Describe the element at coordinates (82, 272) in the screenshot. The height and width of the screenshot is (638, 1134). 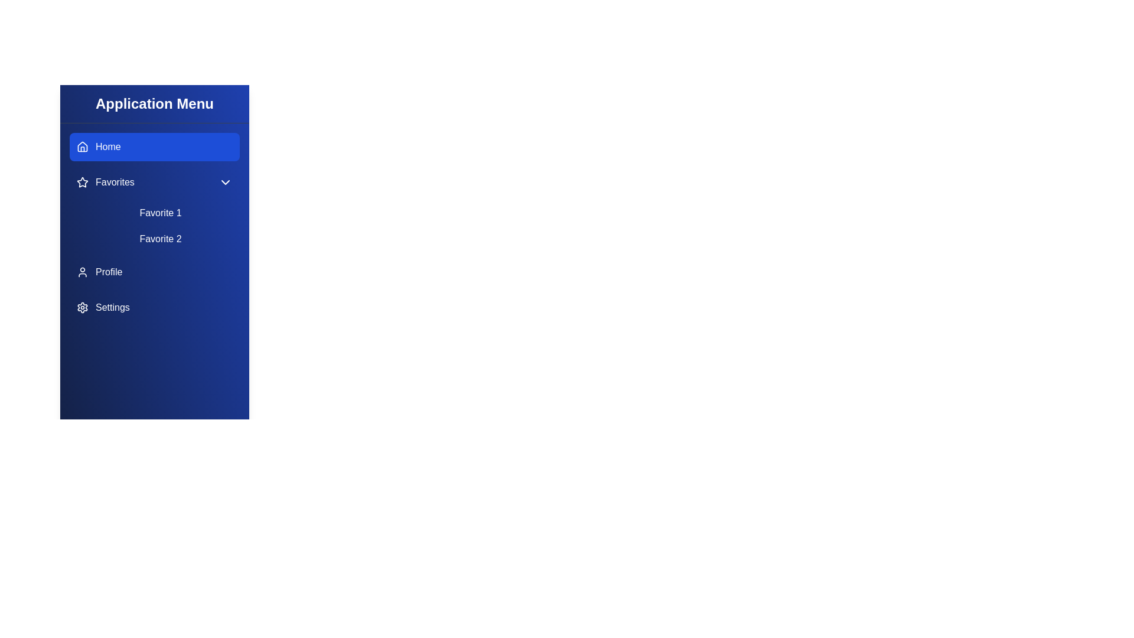
I see `the user icon in the left navigation menu` at that location.